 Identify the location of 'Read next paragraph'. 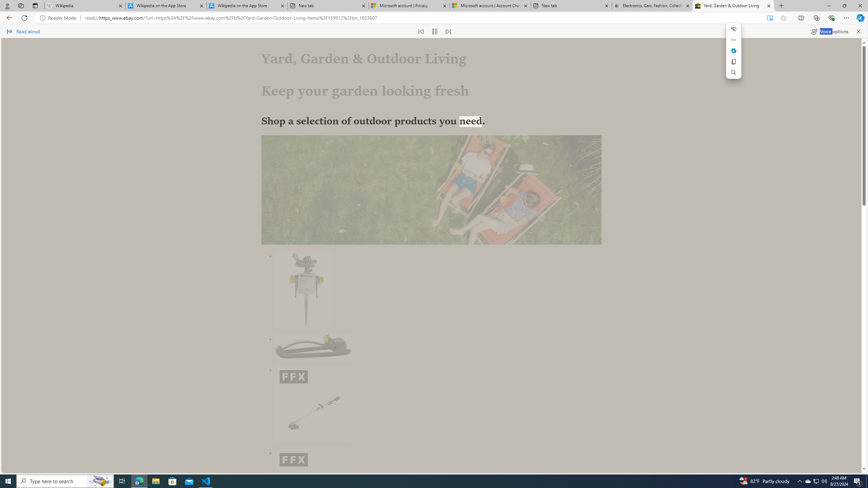
(448, 31).